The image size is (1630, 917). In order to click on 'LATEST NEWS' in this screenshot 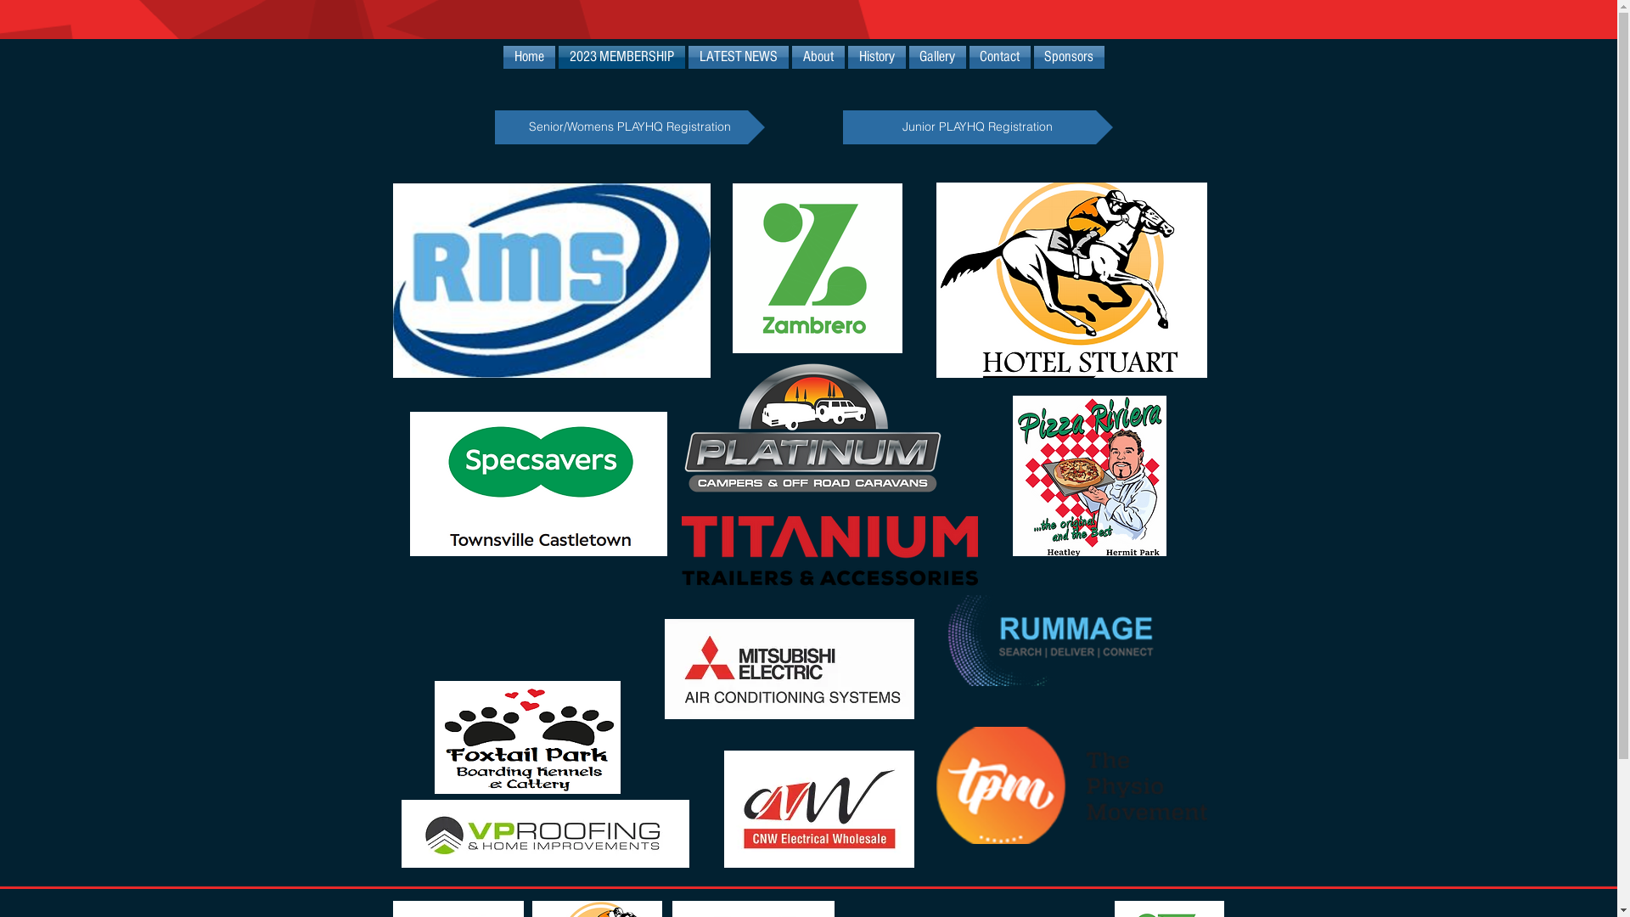, I will do `click(737, 56)`.